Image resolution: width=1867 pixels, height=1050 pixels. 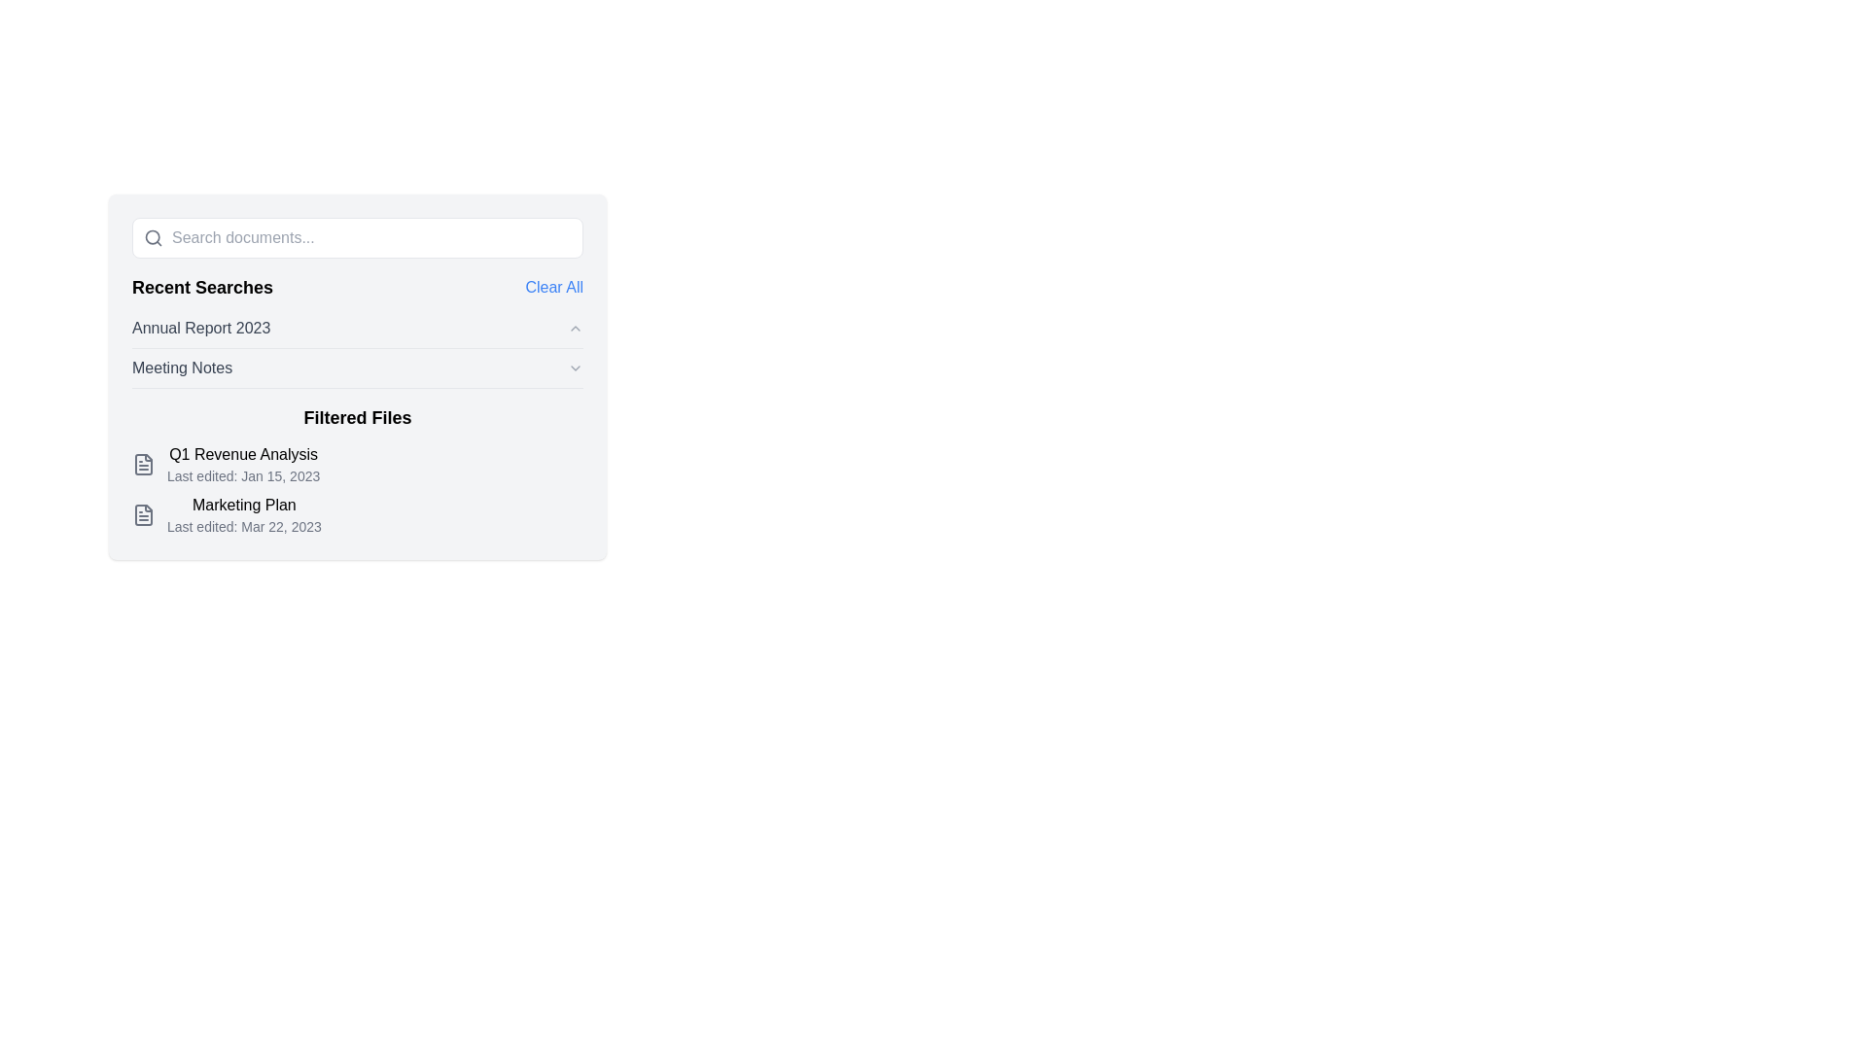 What do you see at coordinates (553, 288) in the screenshot?
I see `the clear all recent searches link` at bounding box center [553, 288].